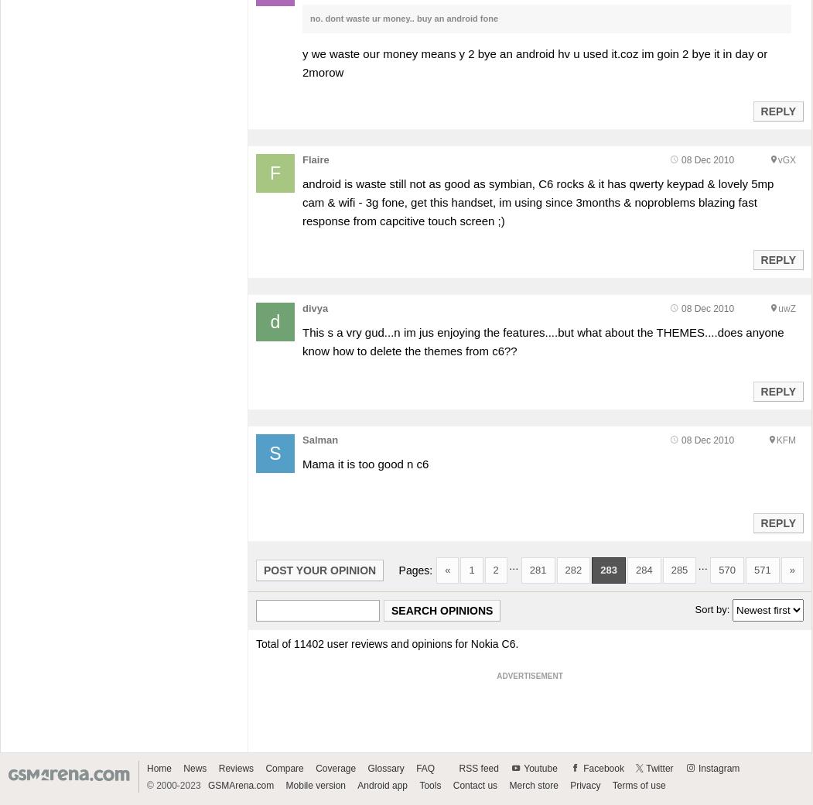 Image resolution: width=813 pixels, height=805 pixels. Describe the element at coordinates (726, 570) in the screenshot. I see `'570'` at that location.